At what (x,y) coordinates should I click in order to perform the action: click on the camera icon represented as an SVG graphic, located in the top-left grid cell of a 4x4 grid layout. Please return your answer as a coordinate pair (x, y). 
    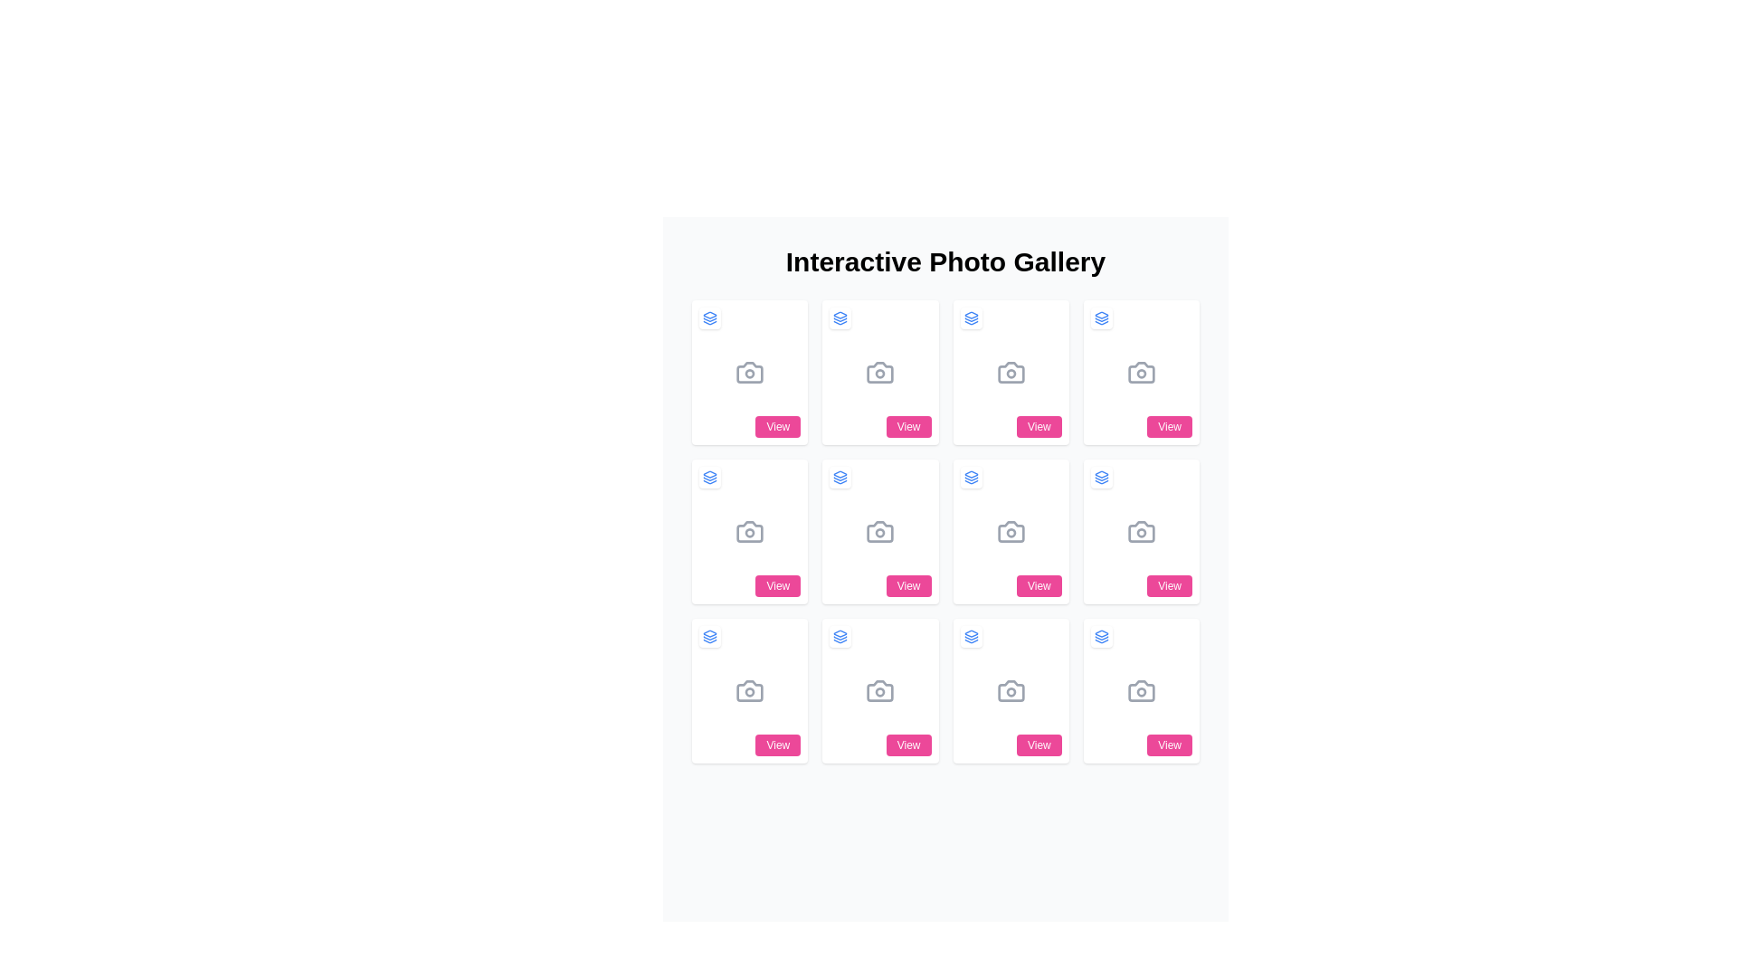
    Looking at the image, I should click on (750, 372).